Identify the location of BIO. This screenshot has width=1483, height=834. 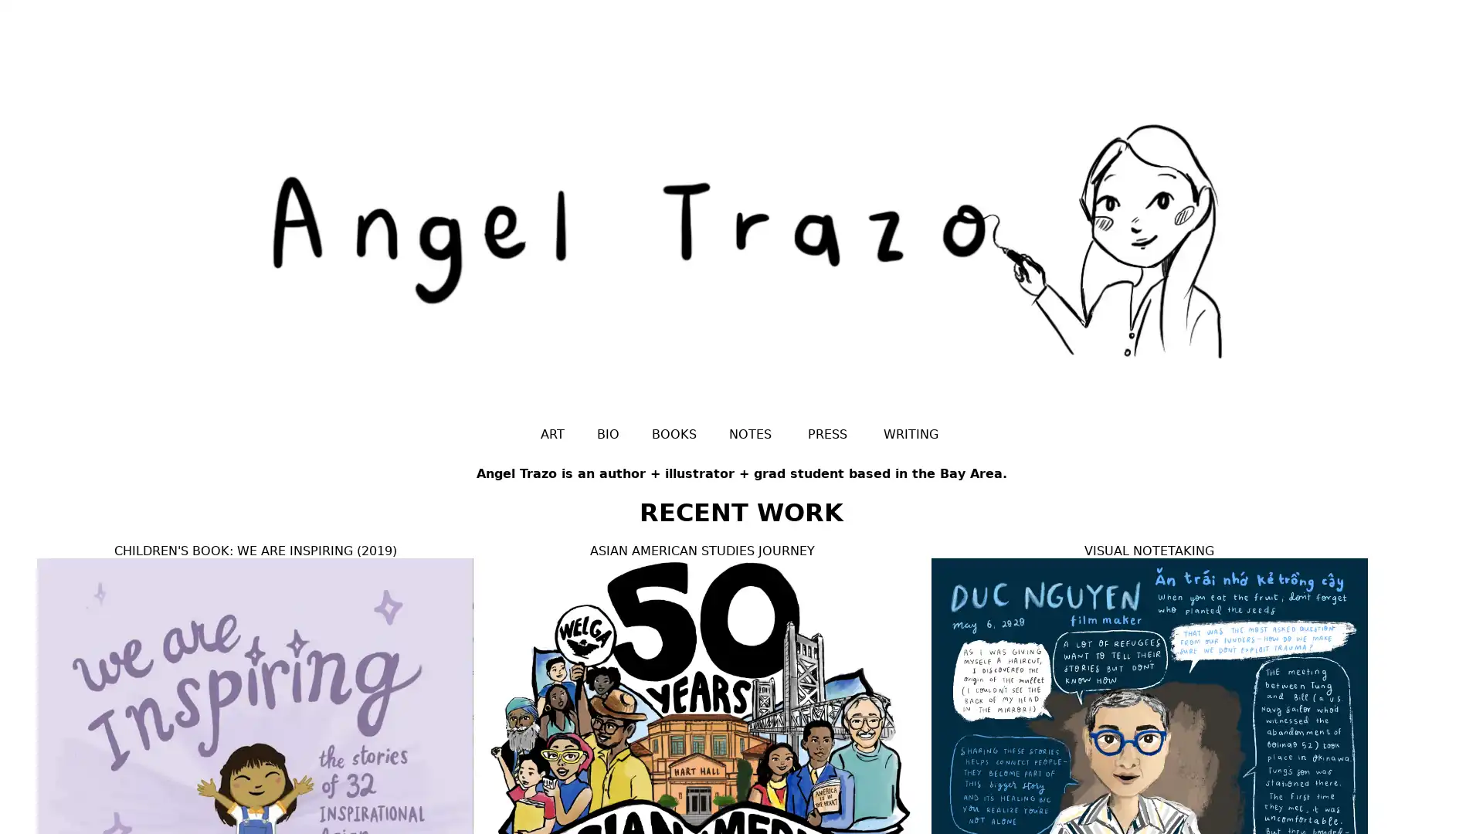
(607, 434).